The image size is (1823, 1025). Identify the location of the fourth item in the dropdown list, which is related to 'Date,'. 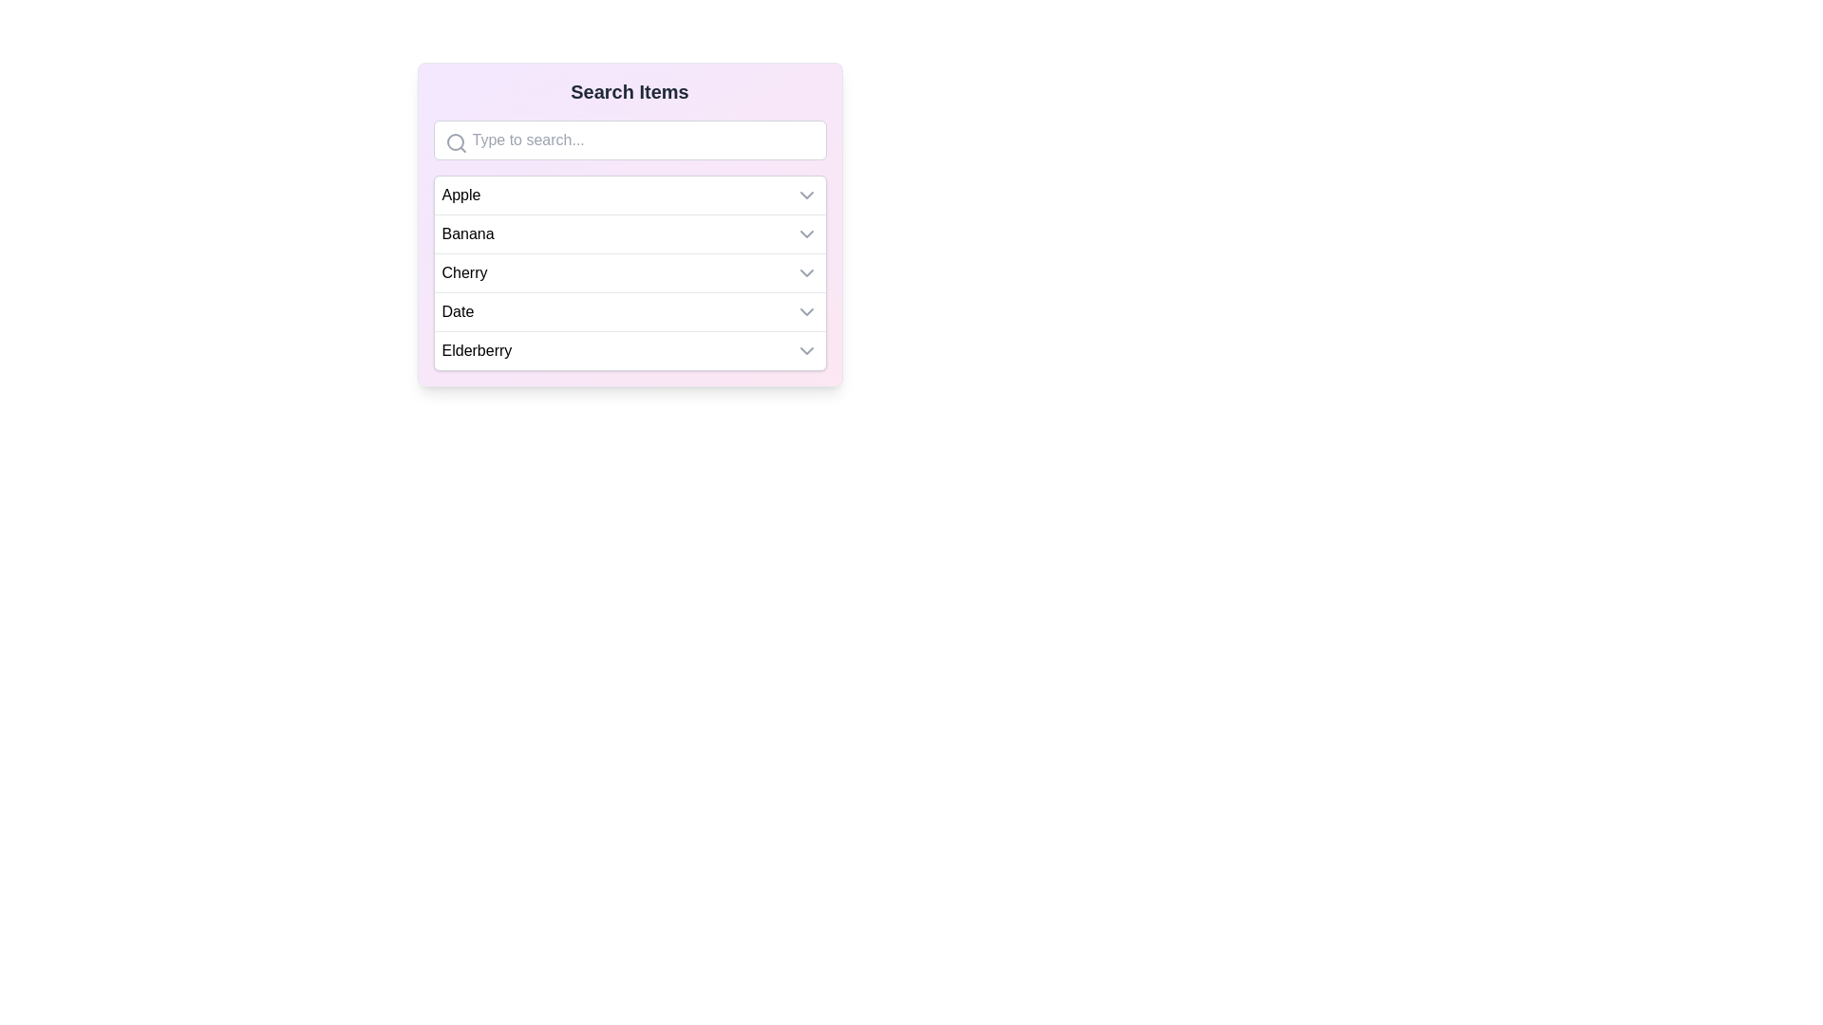
(630, 310).